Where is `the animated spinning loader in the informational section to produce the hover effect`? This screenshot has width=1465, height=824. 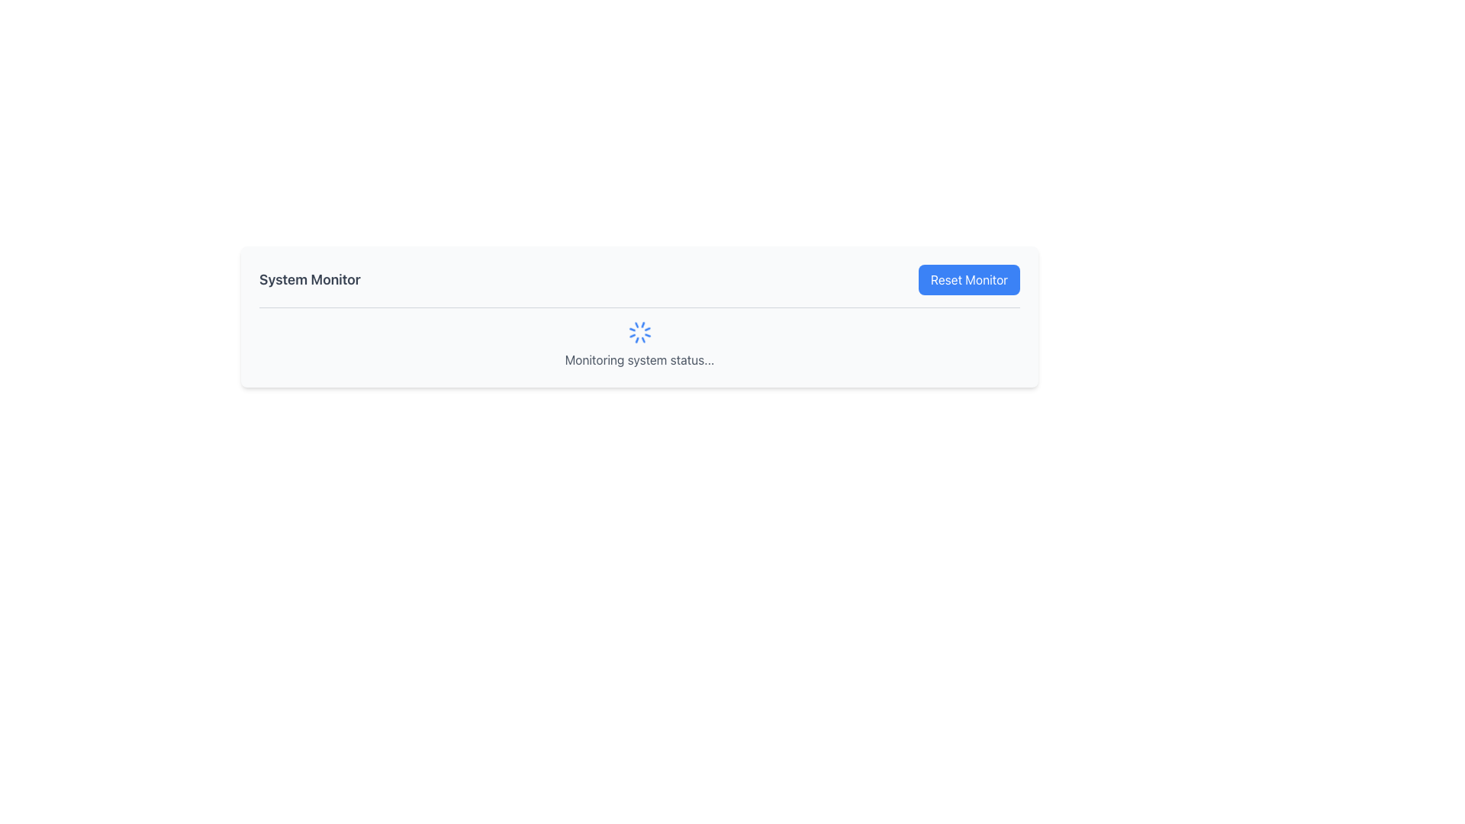
the animated spinning loader in the informational section to produce the hover effect is located at coordinates (639, 344).